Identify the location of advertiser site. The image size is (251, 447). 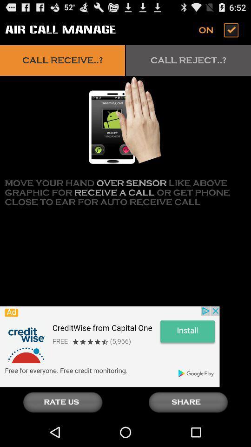
(109, 346).